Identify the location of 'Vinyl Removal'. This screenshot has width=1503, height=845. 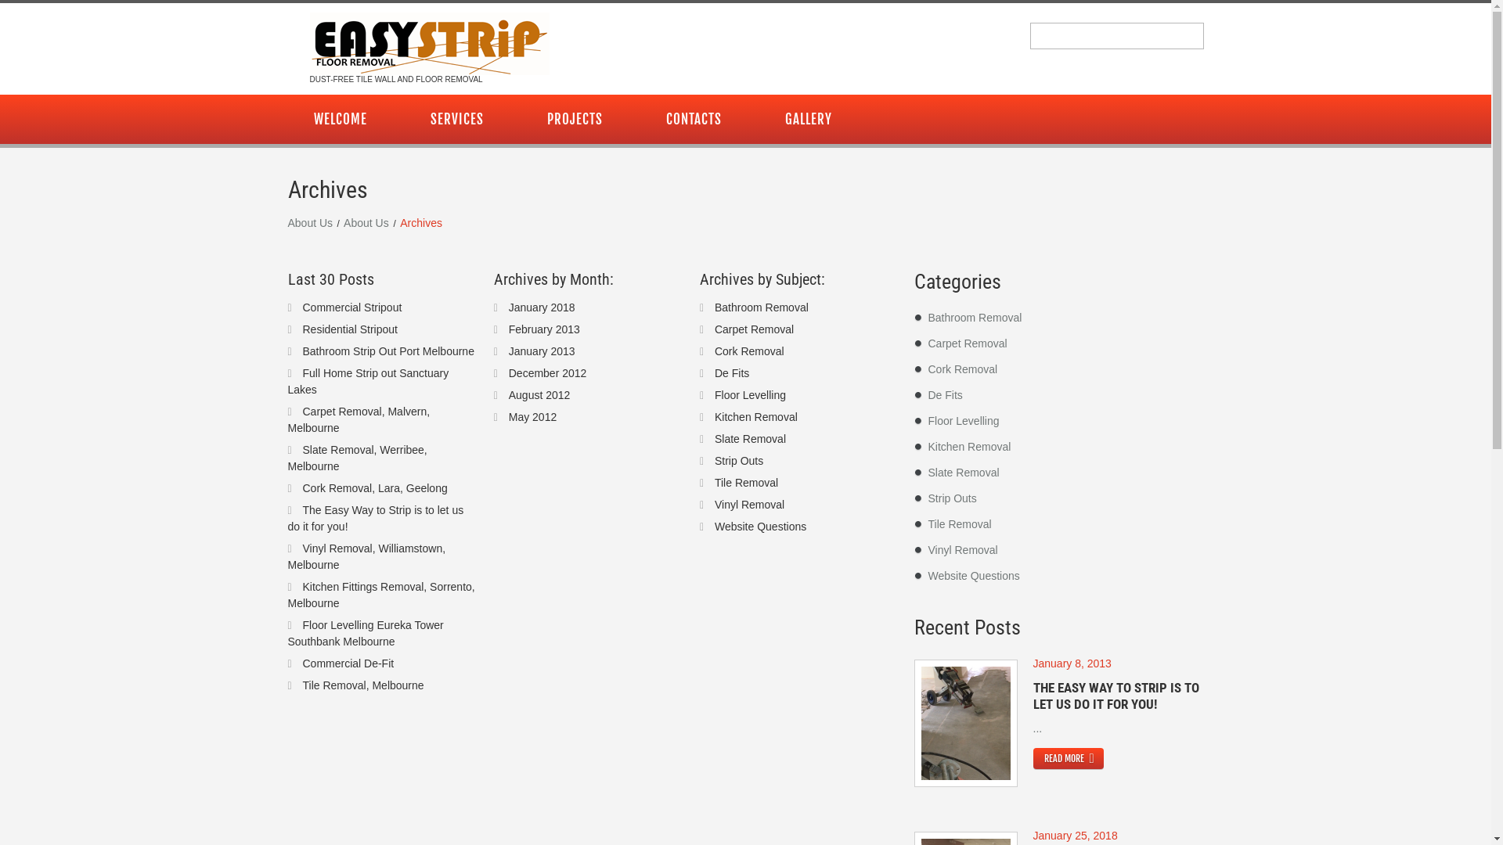
(748, 504).